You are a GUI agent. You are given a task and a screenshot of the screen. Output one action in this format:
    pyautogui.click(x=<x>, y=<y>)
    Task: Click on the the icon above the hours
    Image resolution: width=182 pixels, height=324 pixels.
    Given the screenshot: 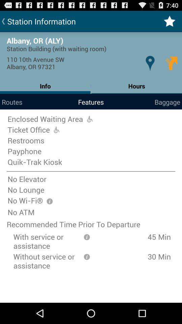 What is the action you would take?
    pyautogui.click(x=150, y=63)
    